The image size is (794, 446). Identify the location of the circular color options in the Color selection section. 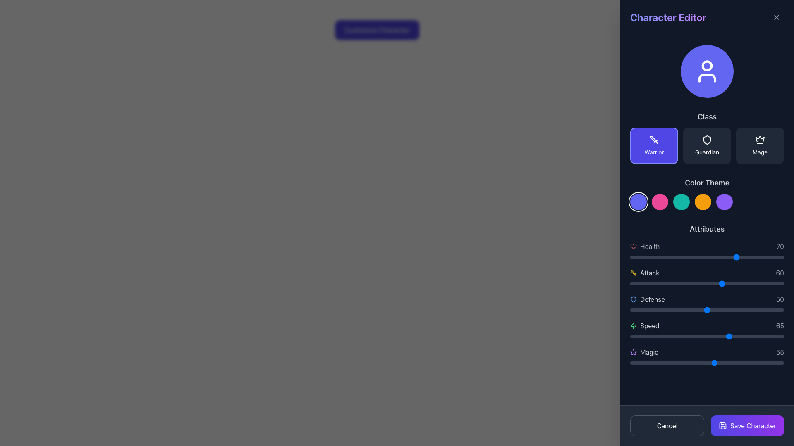
(706, 194).